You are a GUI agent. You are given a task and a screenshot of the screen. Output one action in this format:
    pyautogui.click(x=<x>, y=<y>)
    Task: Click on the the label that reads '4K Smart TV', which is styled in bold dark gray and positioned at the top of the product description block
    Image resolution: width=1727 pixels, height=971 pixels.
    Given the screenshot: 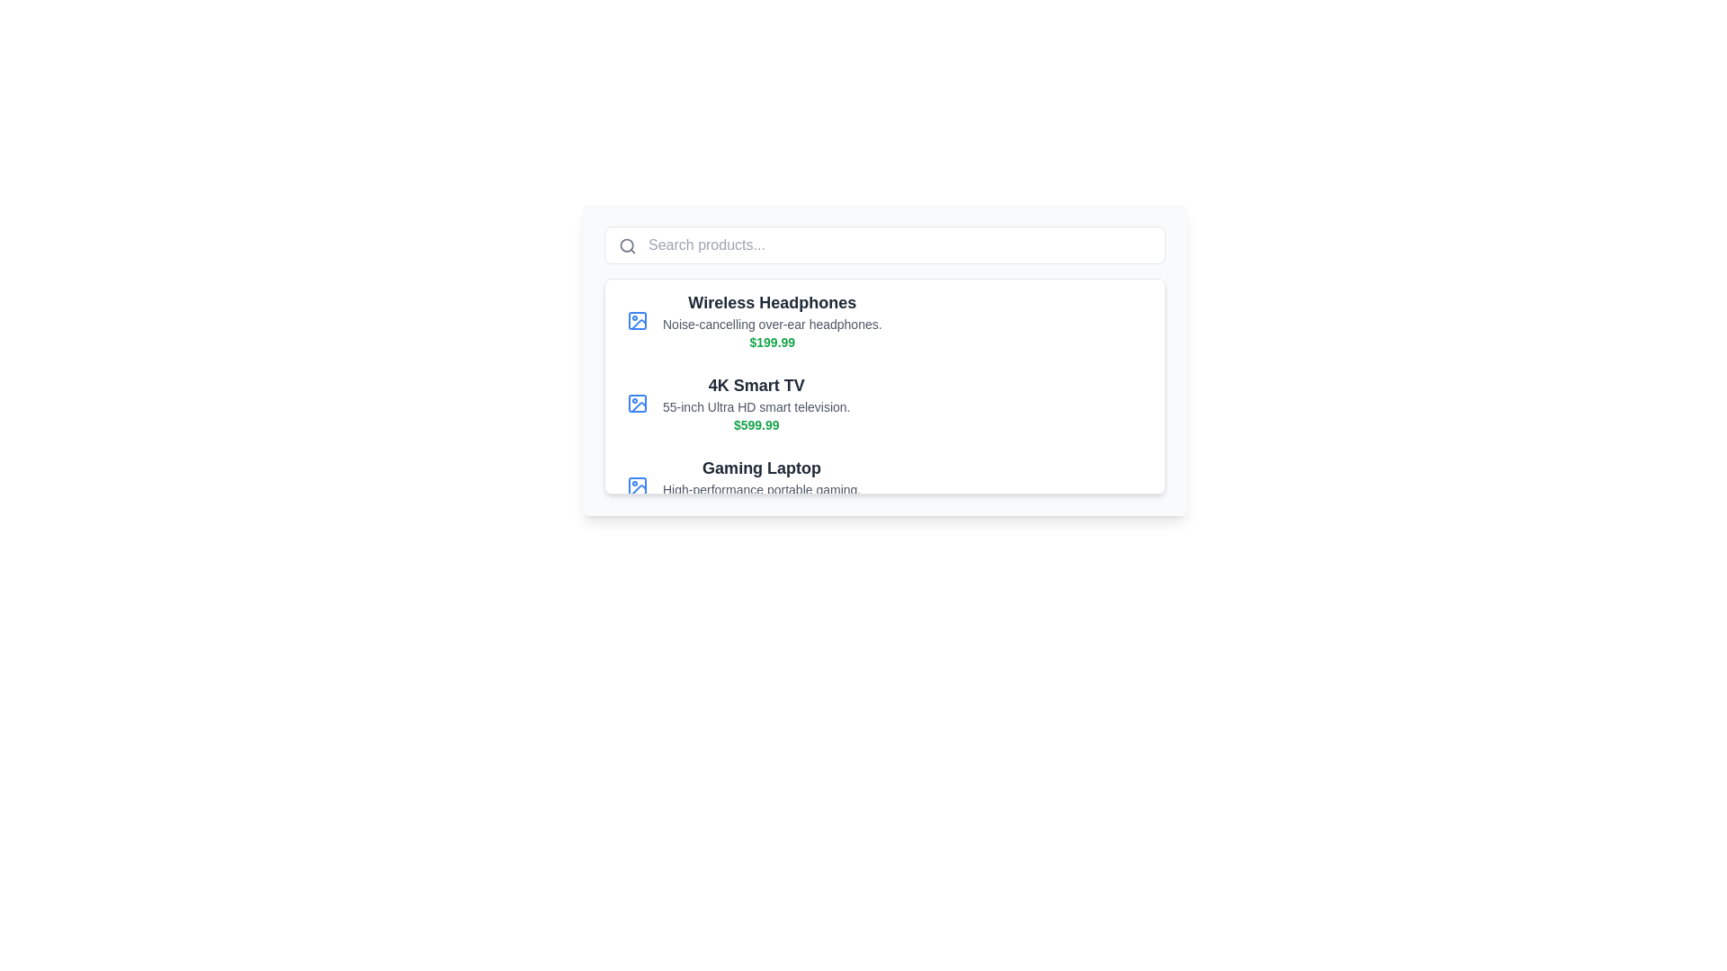 What is the action you would take?
    pyautogui.click(x=756, y=384)
    